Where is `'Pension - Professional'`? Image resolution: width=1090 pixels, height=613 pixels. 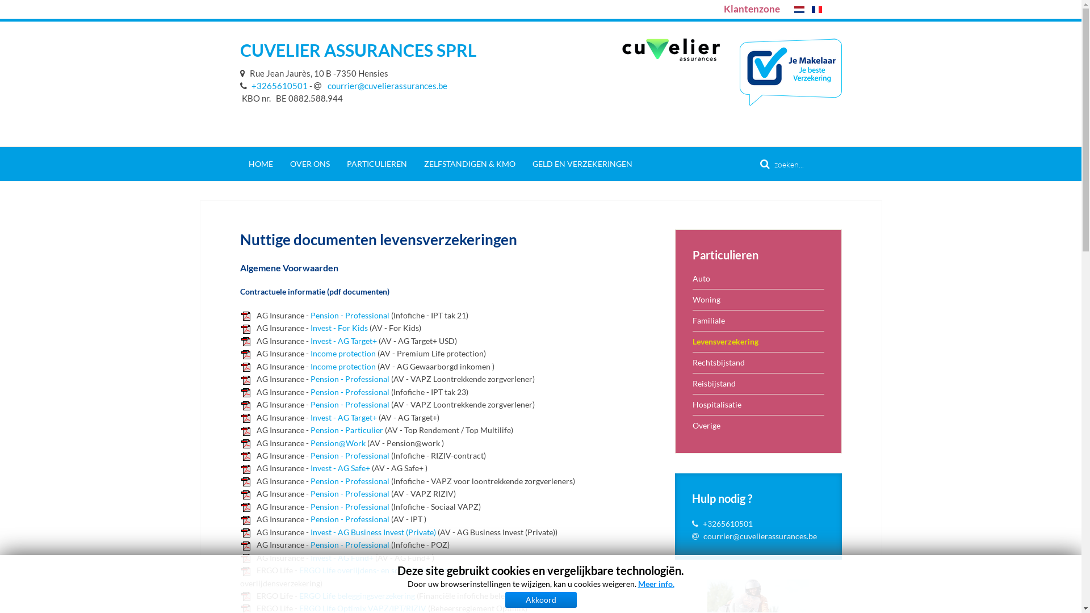
'Pension - Professional' is located at coordinates (310, 519).